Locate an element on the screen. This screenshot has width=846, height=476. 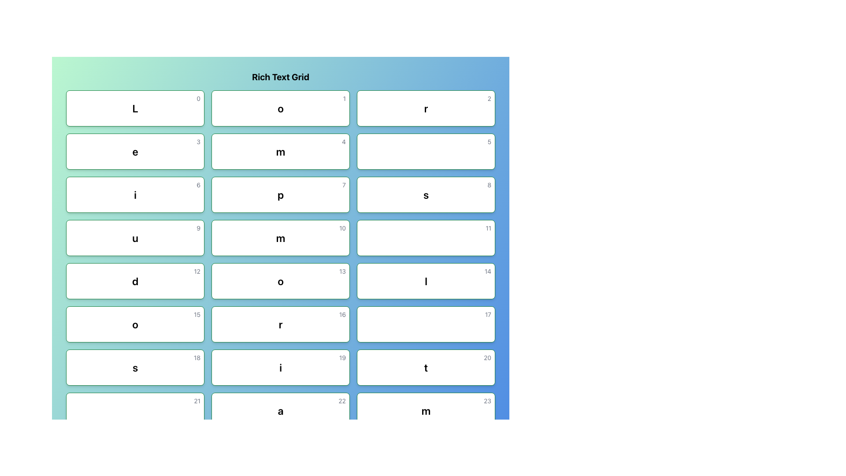
the text-based UI component styled as a title or header, which displays a bold, lowercase letter 'i' in a rectangular card with a white background and a thin green frame is located at coordinates (135, 194).